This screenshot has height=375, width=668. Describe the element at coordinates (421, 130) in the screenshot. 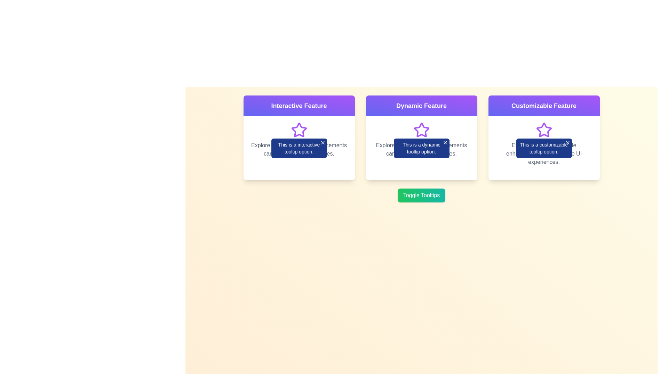

I see `the icon representing the 'Dynamic Feature' card located at the center of the middle card for interactions` at that location.